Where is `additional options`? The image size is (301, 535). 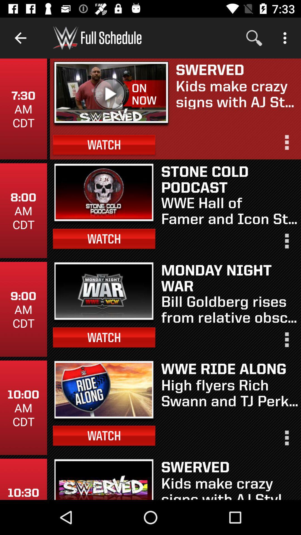
additional options is located at coordinates (286, 342).